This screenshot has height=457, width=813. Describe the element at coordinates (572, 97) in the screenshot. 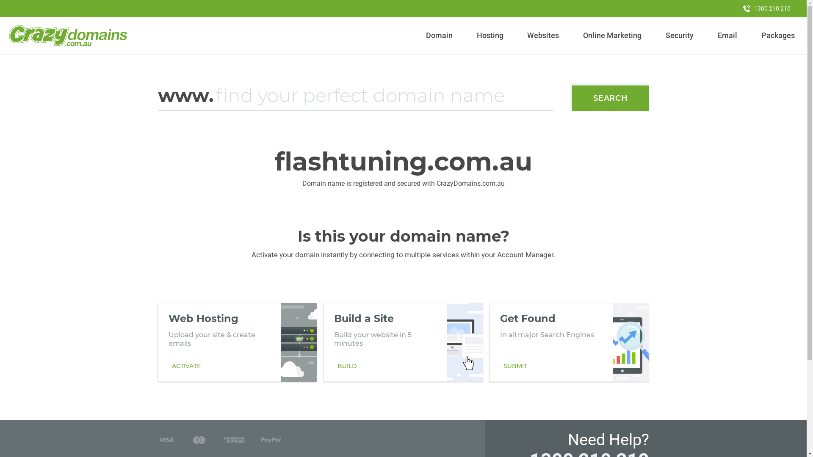

I see `'SEARCH'` at that location.